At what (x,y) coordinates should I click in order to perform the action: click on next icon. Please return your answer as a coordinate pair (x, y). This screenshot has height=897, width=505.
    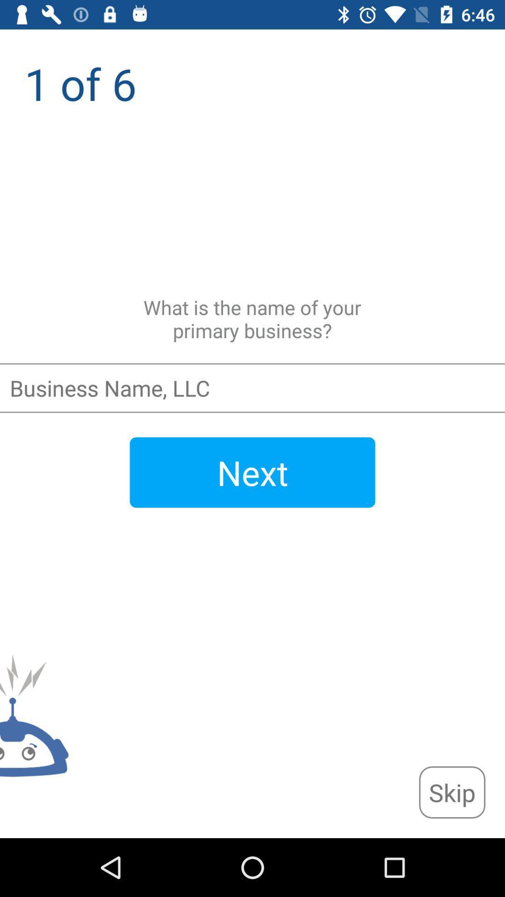
    Looking at the image, I should click on (252, 472).